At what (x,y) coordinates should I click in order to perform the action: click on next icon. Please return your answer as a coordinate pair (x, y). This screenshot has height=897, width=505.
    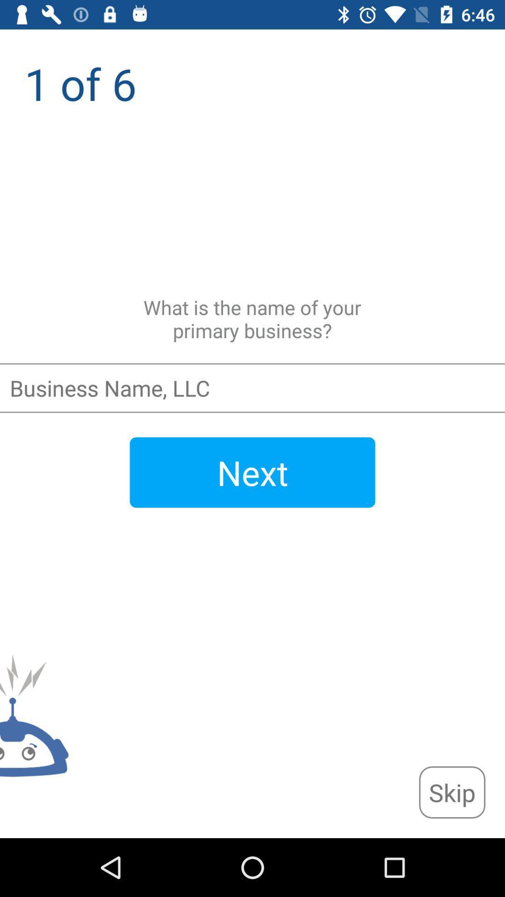
    Looking at the image, I should click on (252, 472).